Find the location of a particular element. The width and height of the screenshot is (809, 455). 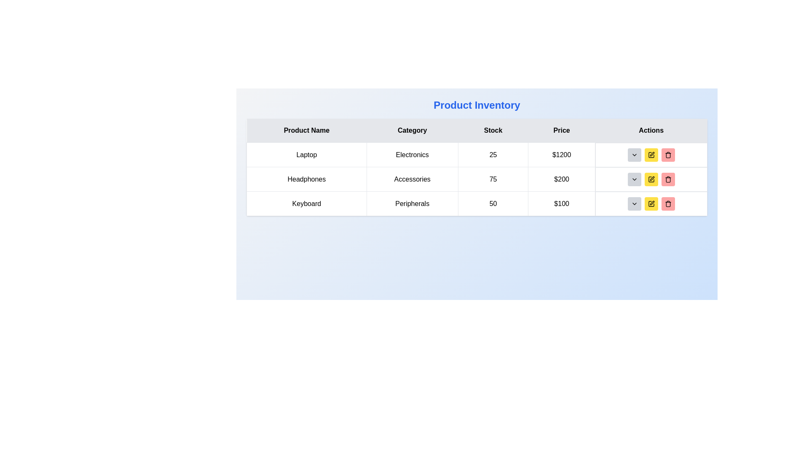

the edit button icon, which resembles a pencil within a yellow button in the 'Actions' column for the 'Headphones' product is located at coordinates (651, 155).